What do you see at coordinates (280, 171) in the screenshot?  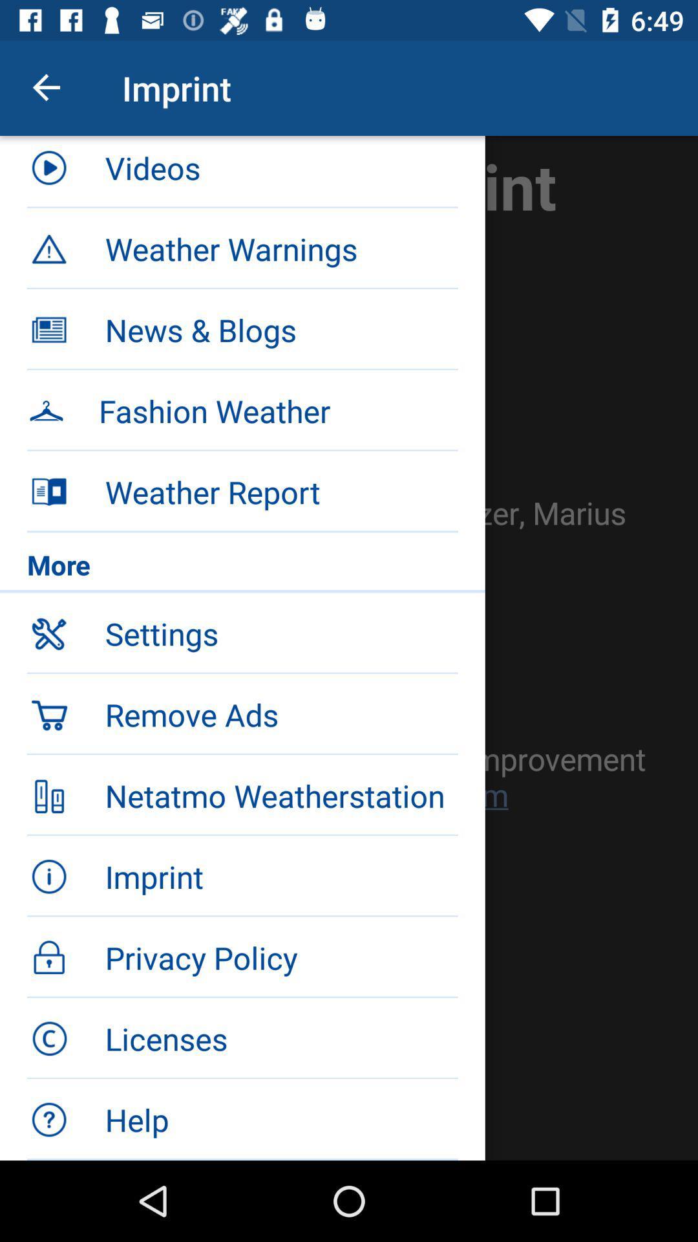 I see `the videos item` at bounding box center [280, 171].